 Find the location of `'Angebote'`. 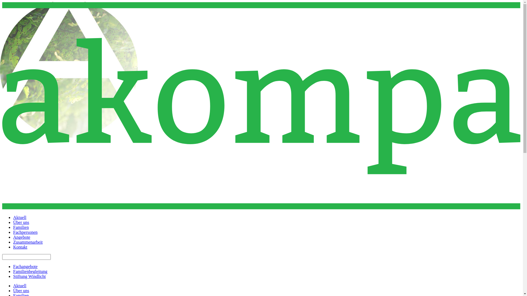

'Angebote' is located at coordinates (13, 237).